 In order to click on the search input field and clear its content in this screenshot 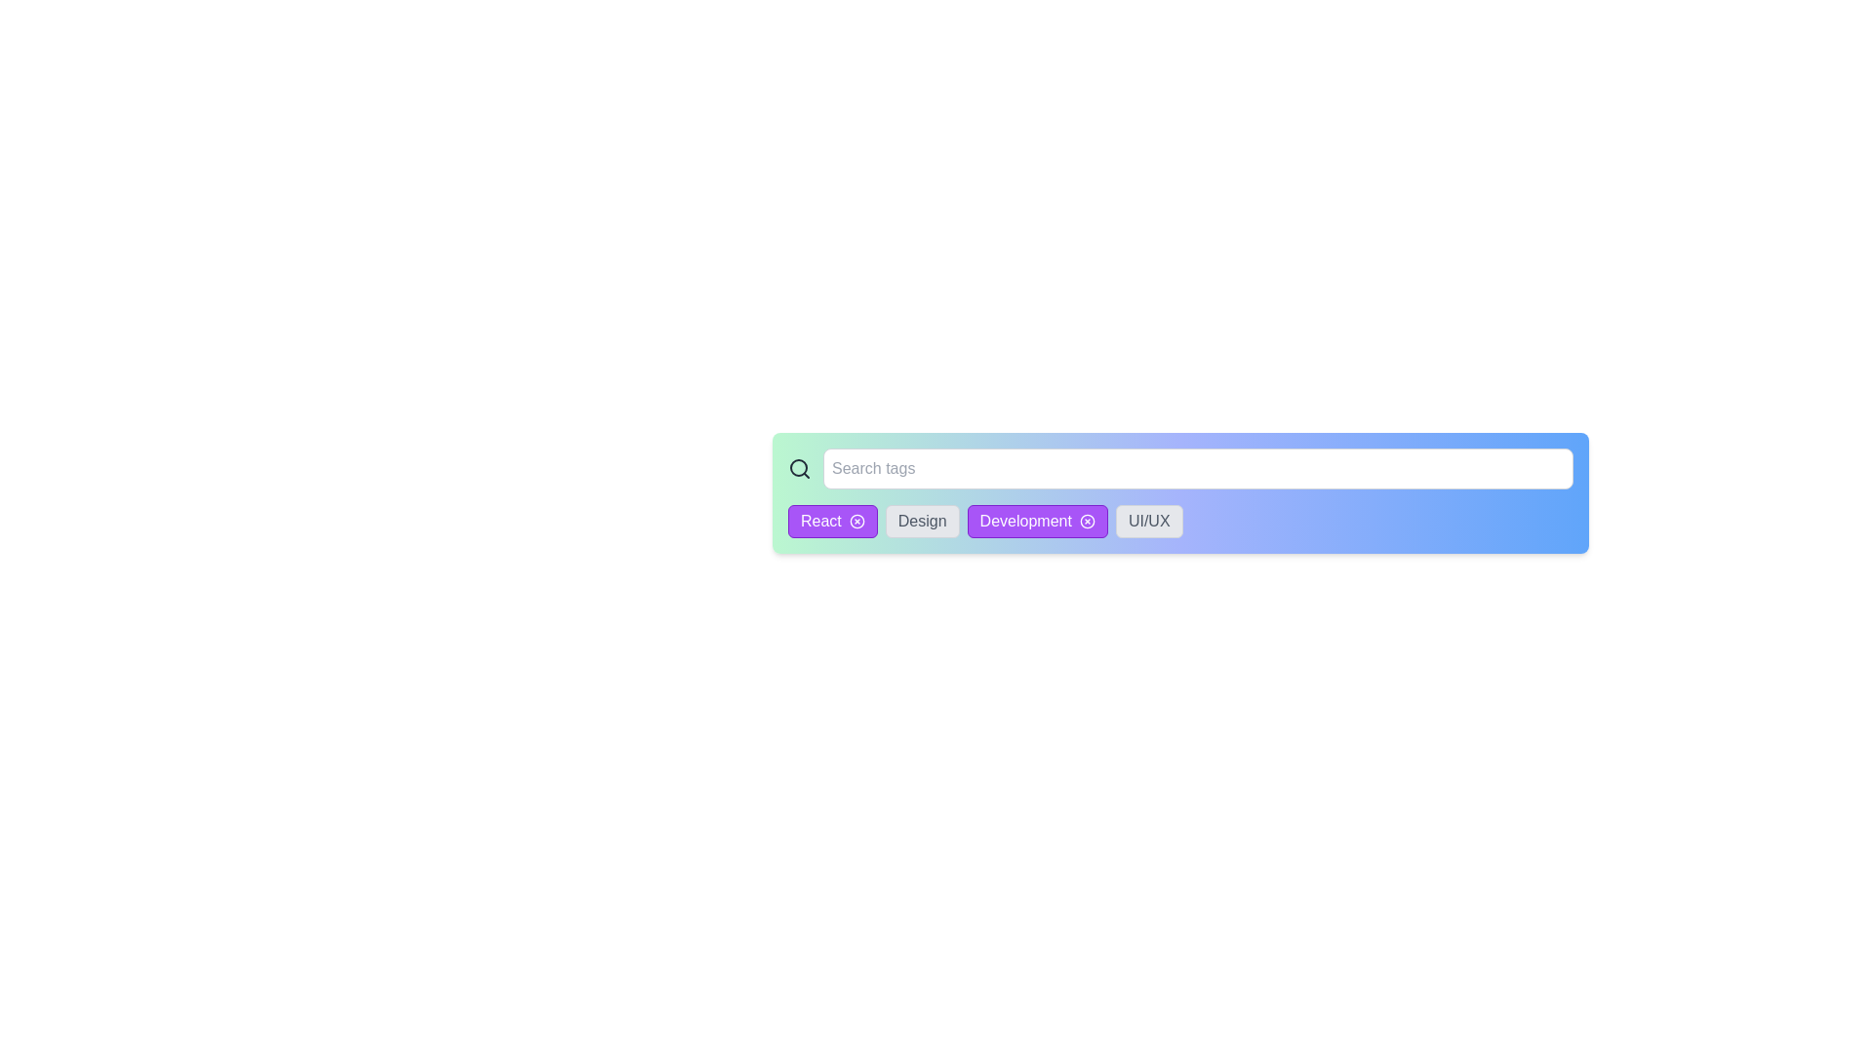, I will do `click(1197, 469)`.